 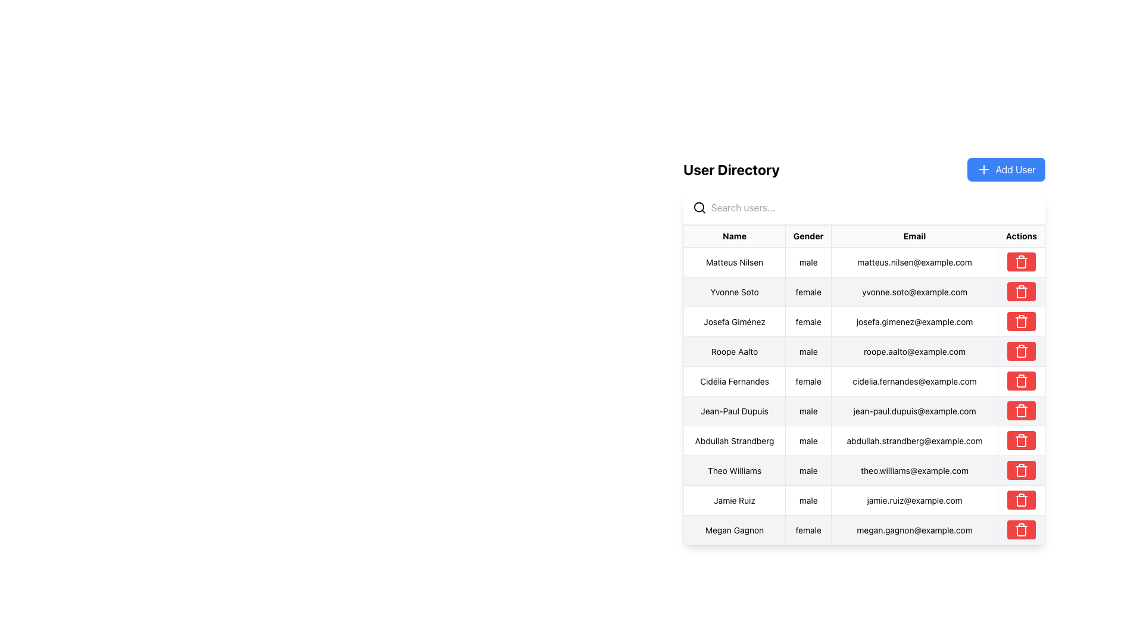 I want to click on the delete icon button in the 'Actions' column for user 'Jean-Paul Dupuis', so click(x=1020, y=410).